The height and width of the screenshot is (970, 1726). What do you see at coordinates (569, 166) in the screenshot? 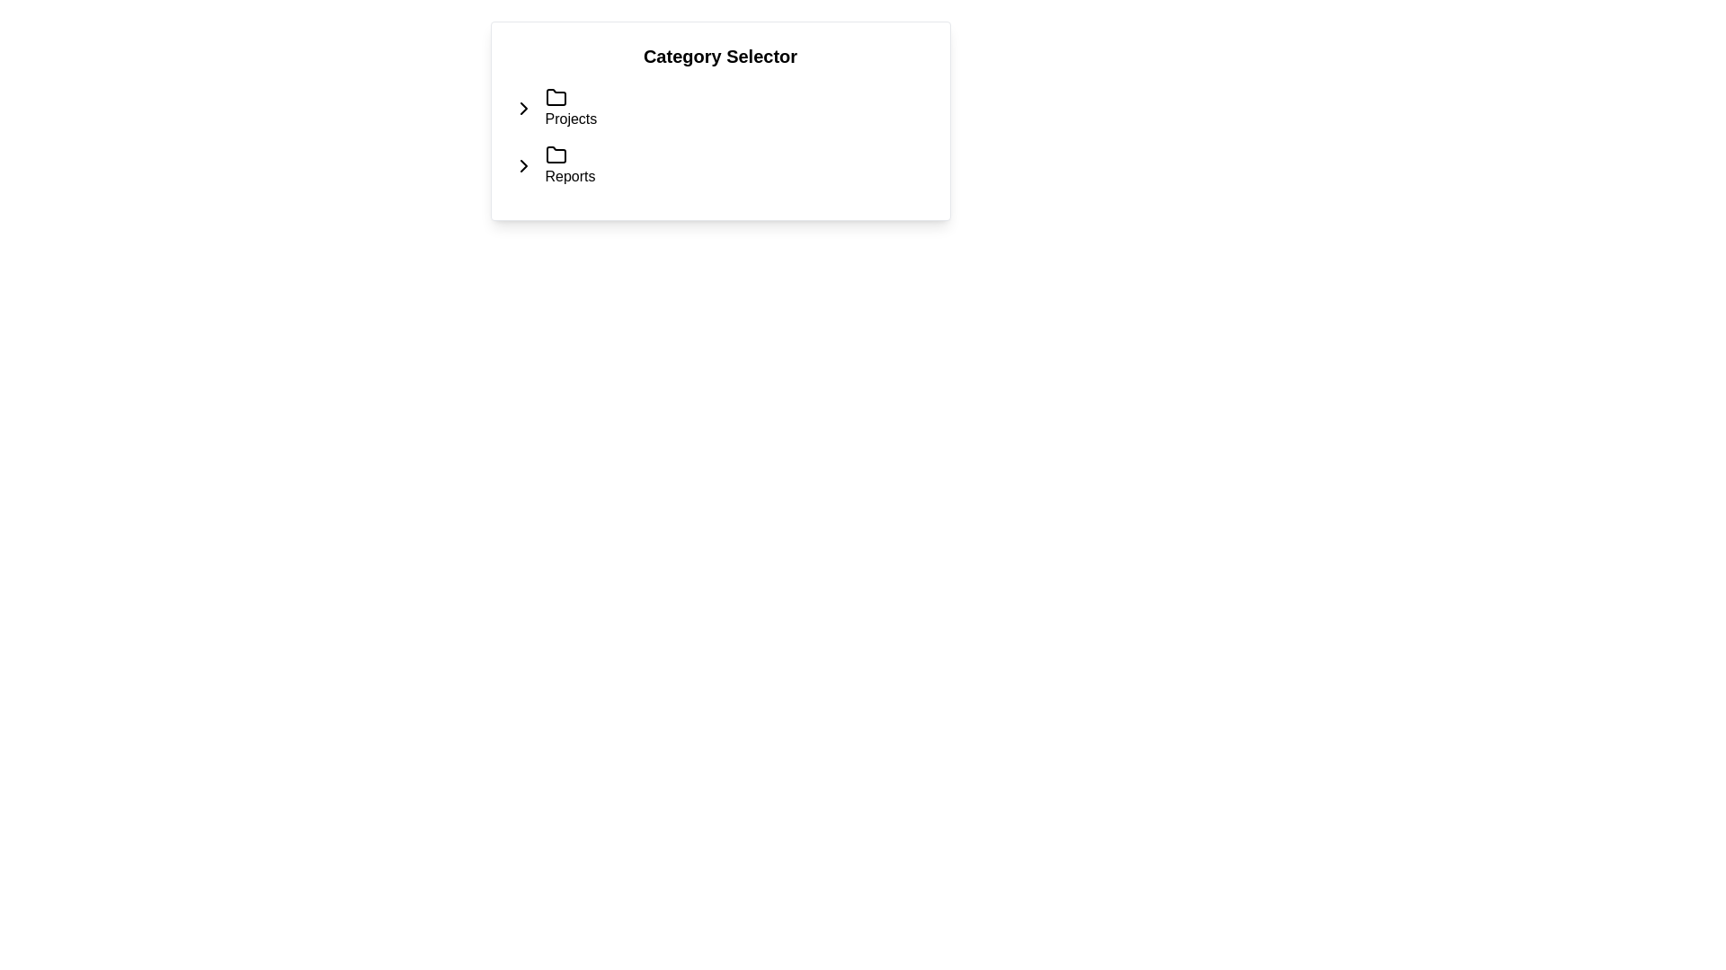
I see `the 'Reports' button, which is styled with a pointer cursor and is the second interactive item in a vertical list below the 'Projects' entry` at bounding box center [569, 166].